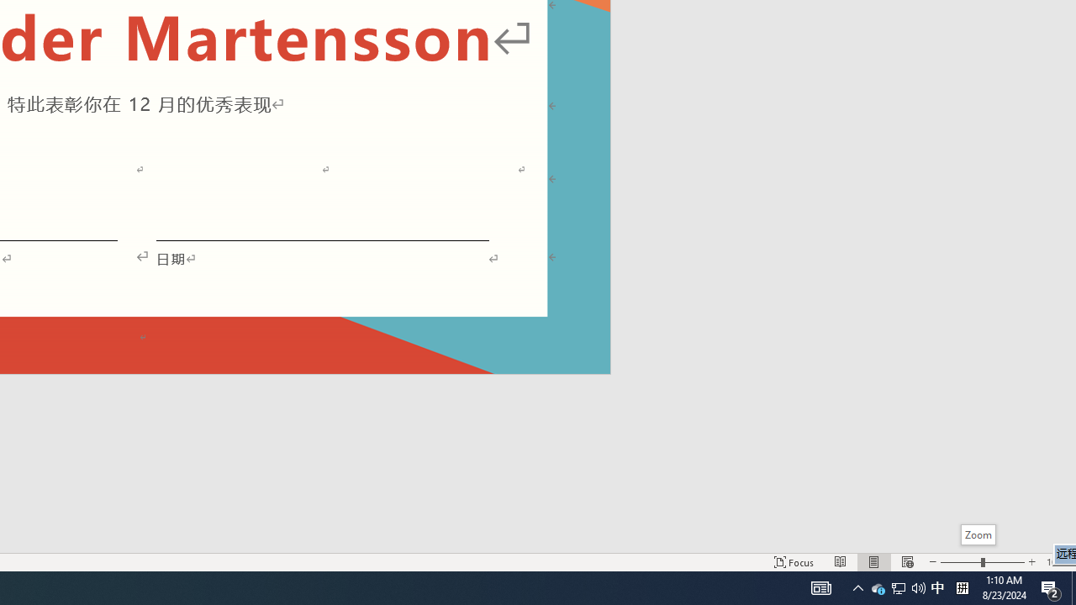 The width and height of the screenshot is (1076, 605). What do you see at coordinates (1057, 562) in the screenshot?
I see `'Zoom 100%'` at bounding box center [1057, 562].